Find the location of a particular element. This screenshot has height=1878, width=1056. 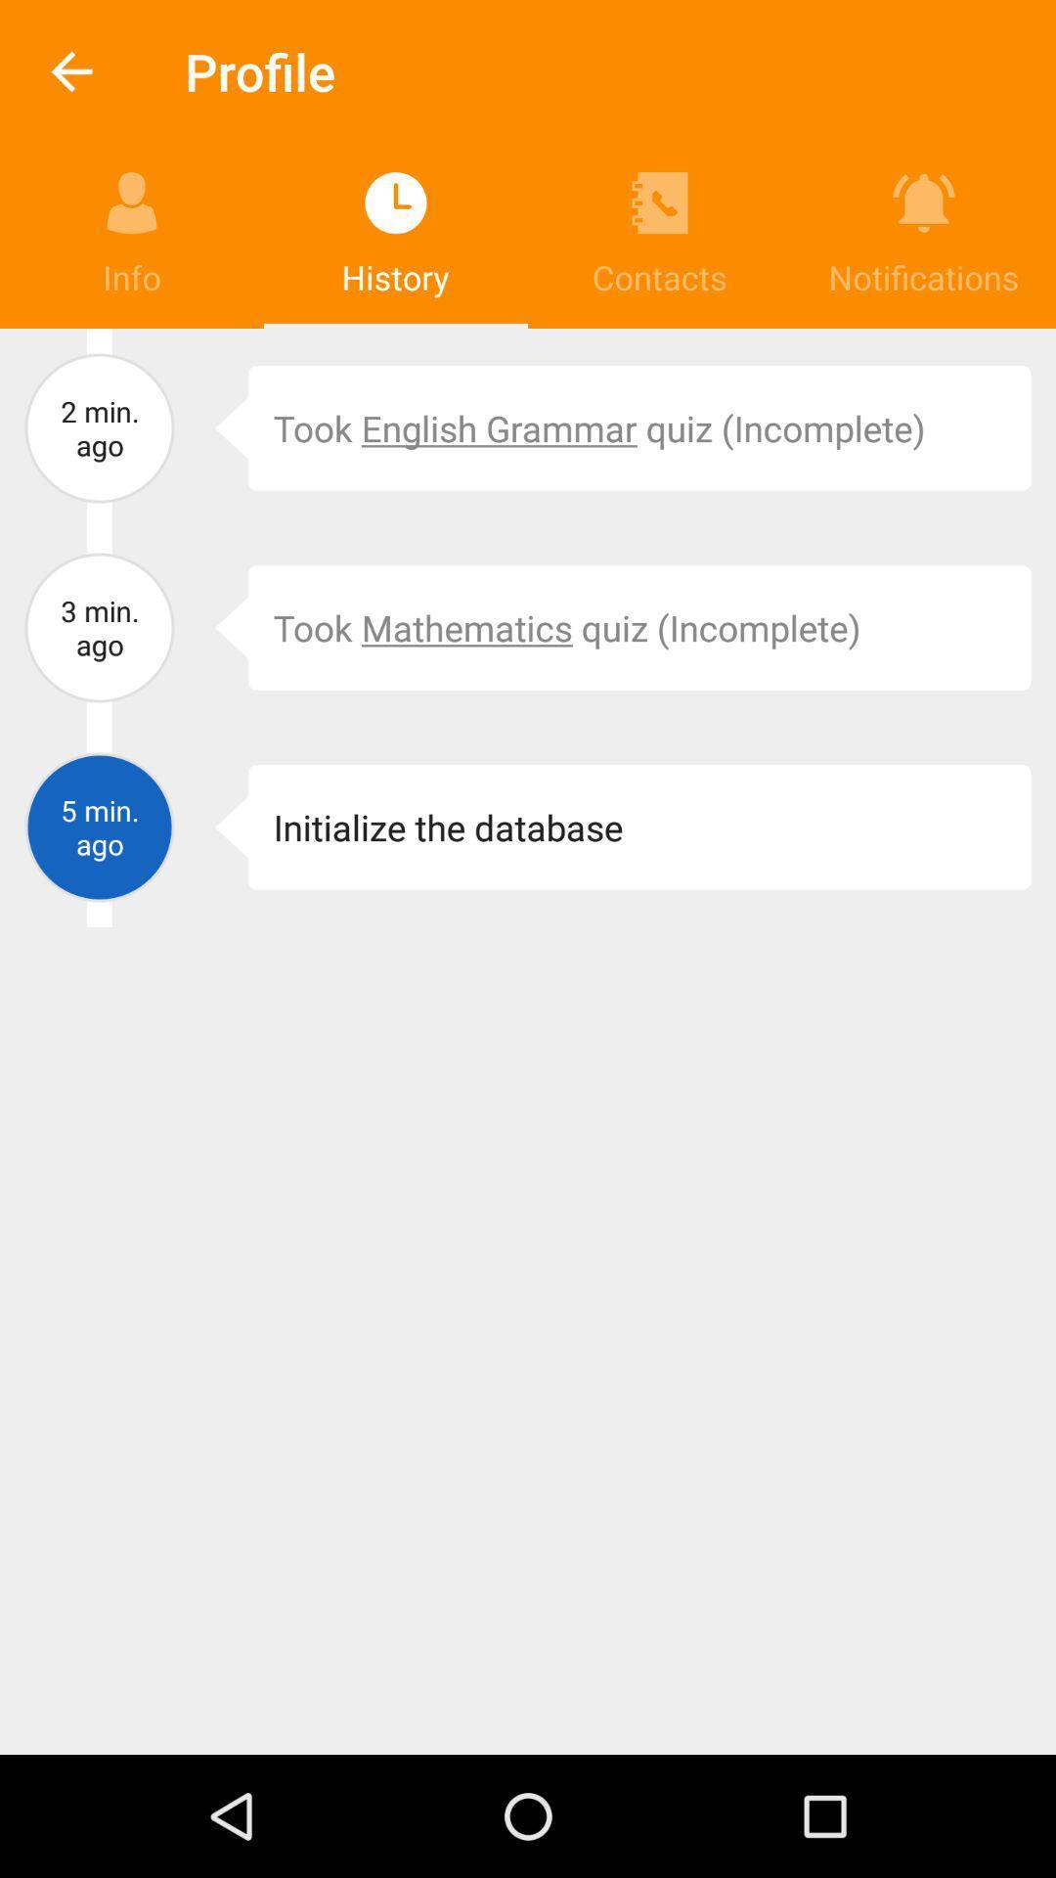

item below the took mathematics quiz icon is located at coordinates (217, 827).